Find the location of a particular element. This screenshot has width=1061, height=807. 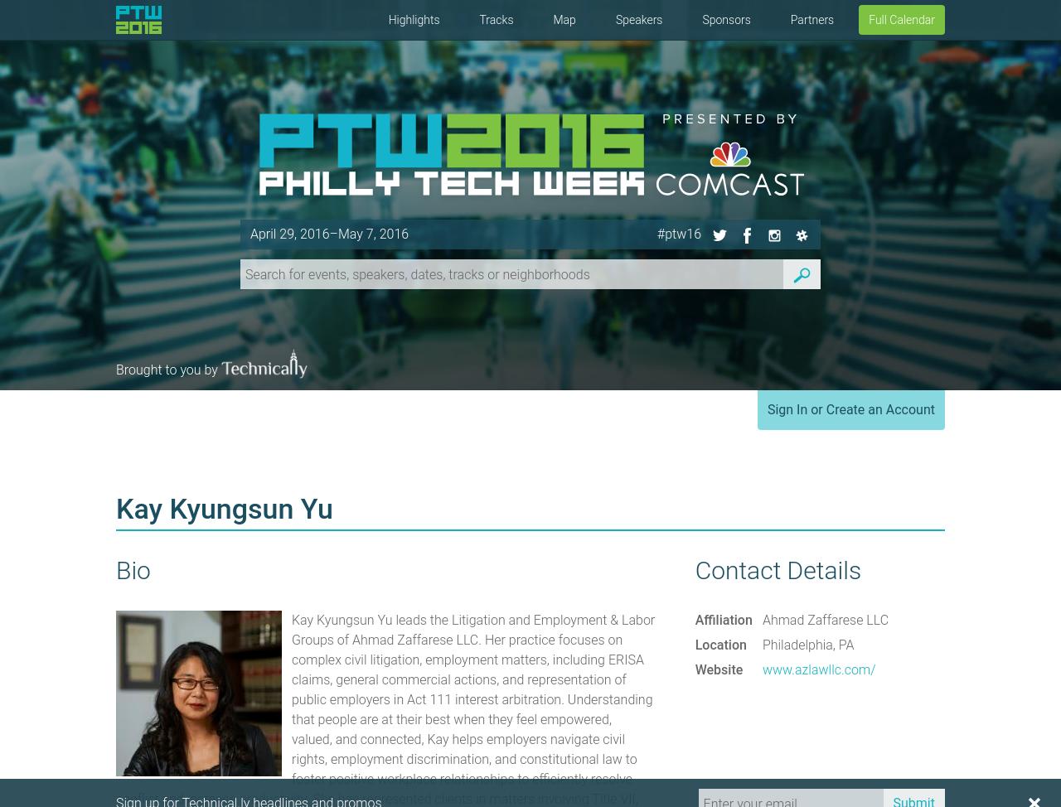

'Location' is located at coordinates (719, 644).